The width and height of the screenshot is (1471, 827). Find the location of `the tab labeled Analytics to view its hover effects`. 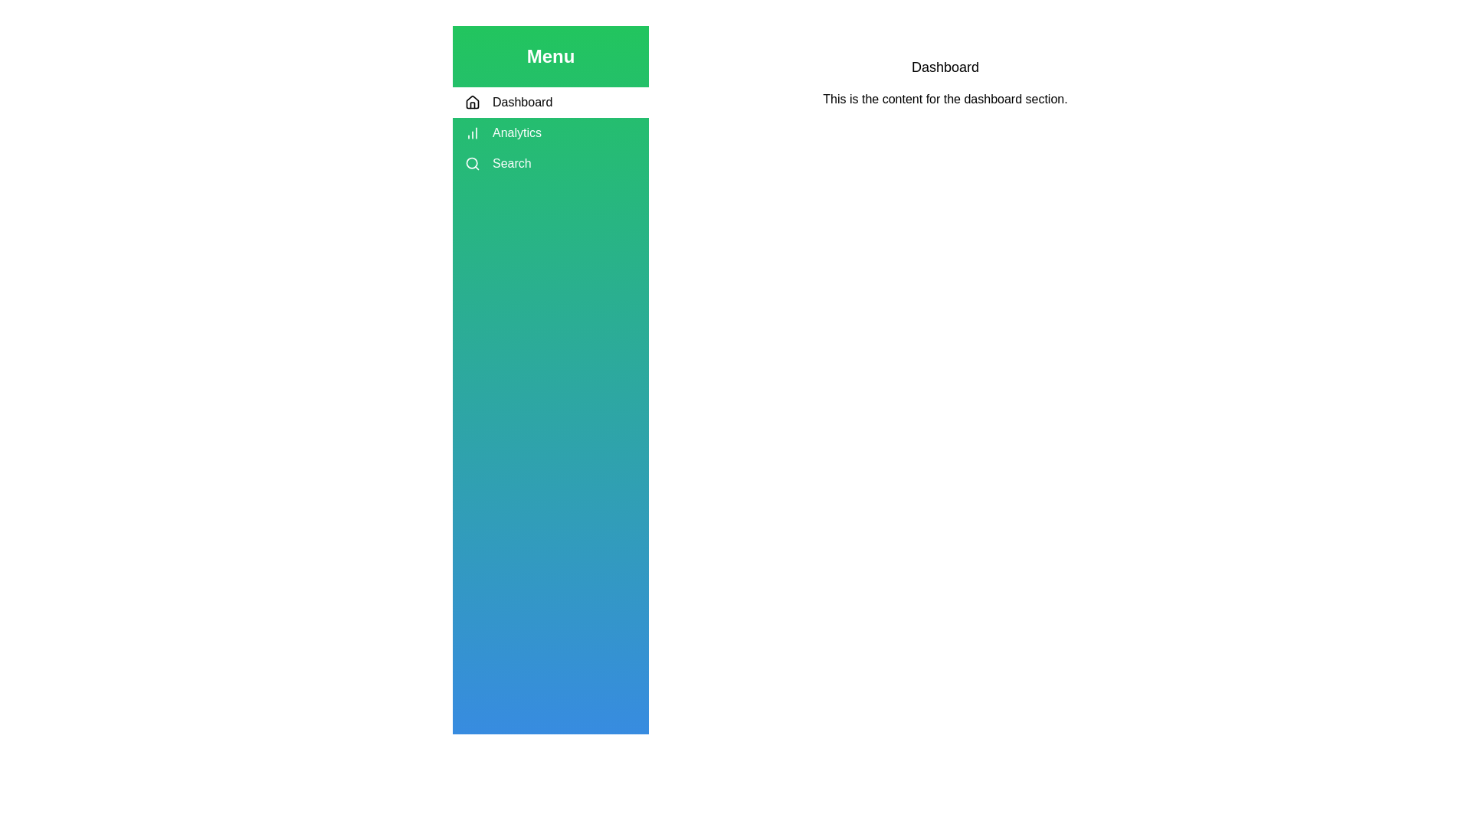

the tab labeled Analytics to view its hover effects is located at coordinates (551, 132).